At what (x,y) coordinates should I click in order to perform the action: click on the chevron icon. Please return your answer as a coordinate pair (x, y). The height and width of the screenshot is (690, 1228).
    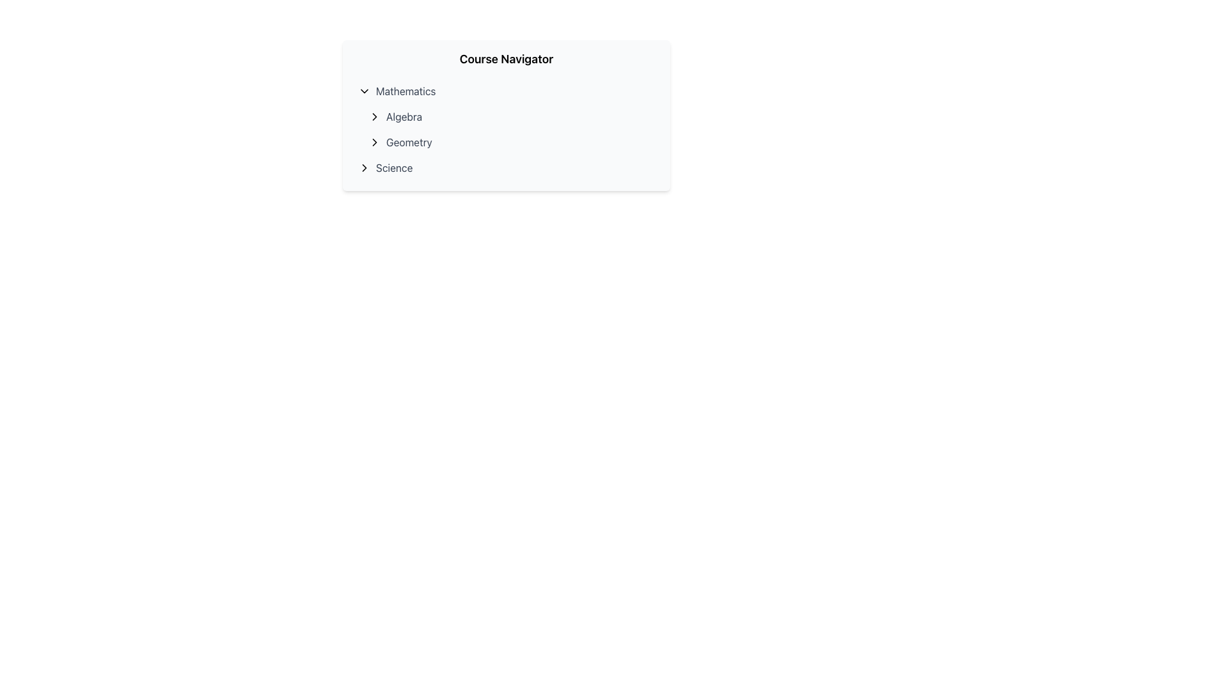
    Looking at the image, I should click on (364, 167).